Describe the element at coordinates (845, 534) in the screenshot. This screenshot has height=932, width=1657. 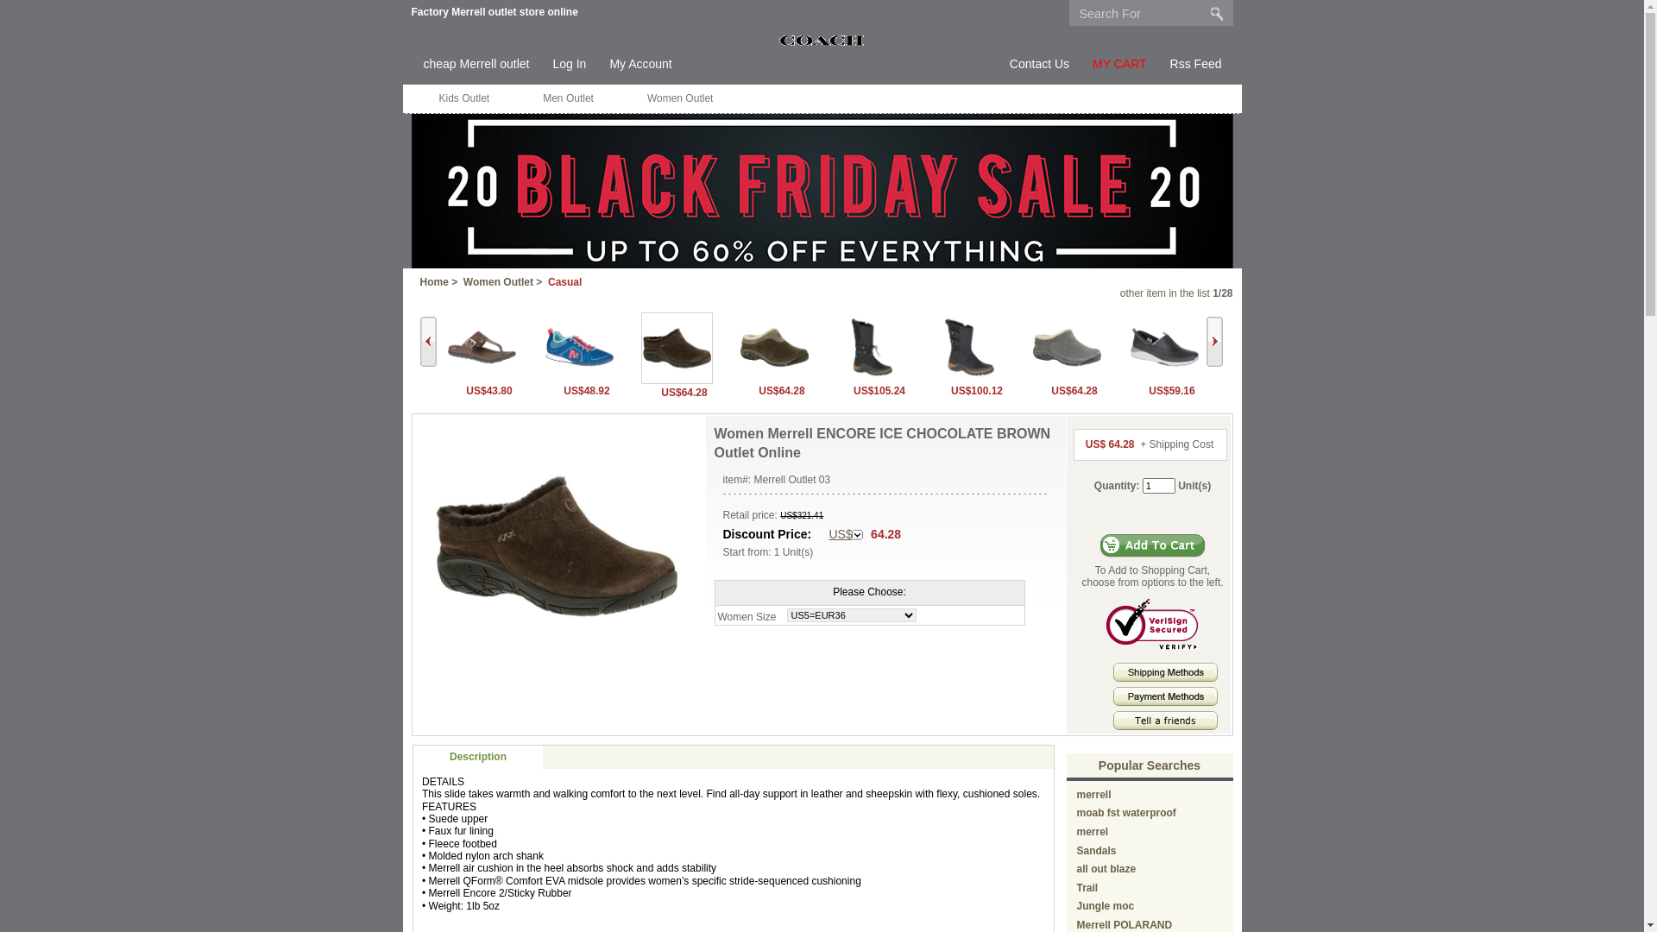
I see `'US$'` at that location.